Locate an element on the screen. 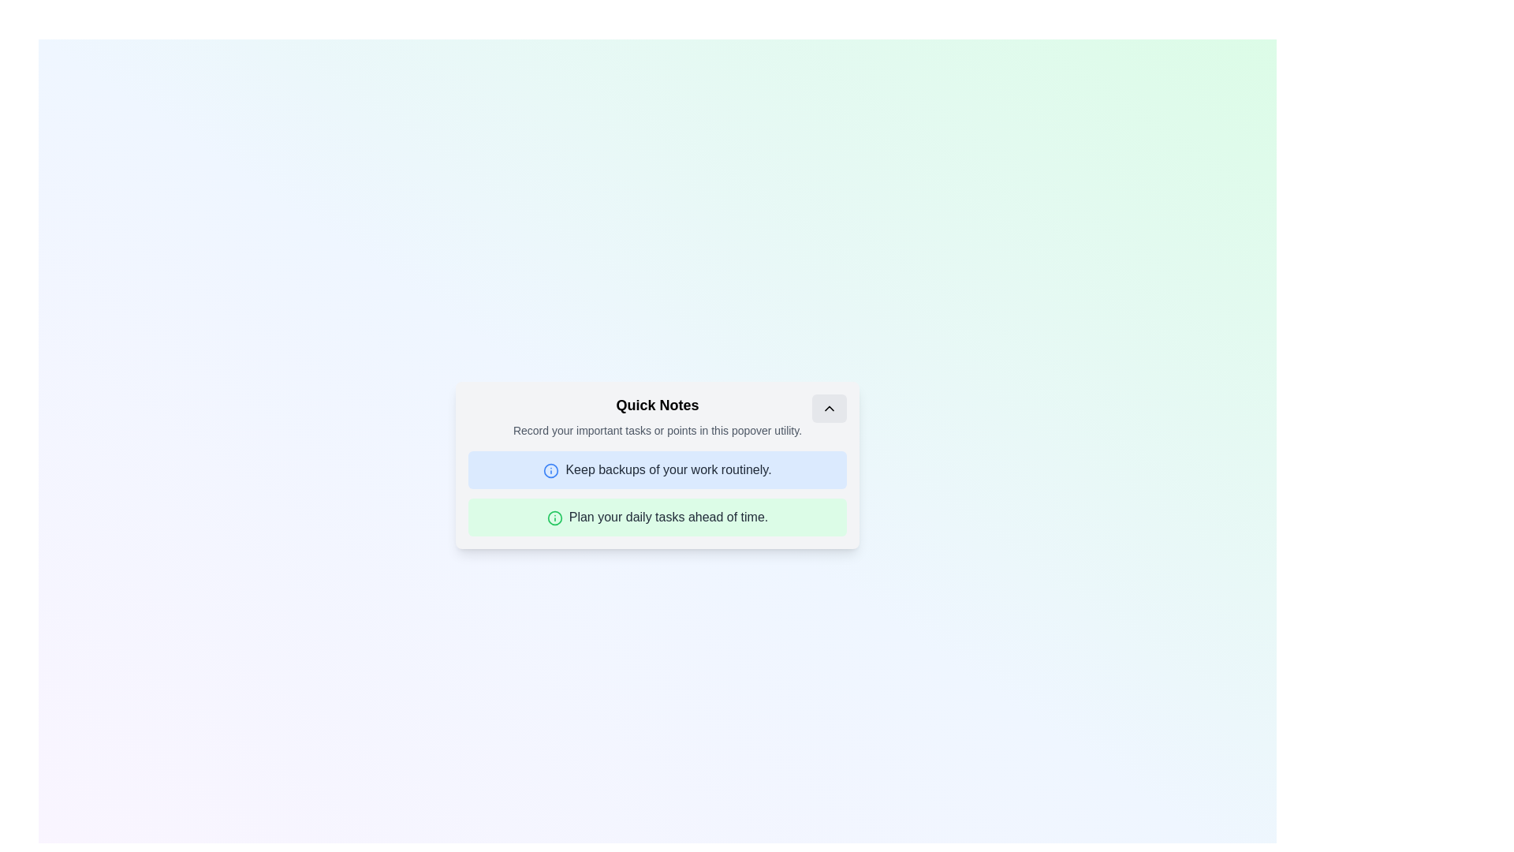 The height and width of the screenshot is (852, 1514). the Heading text block at the top of the panel to use it for navigation in the interface is located at coordinates (658, 404).